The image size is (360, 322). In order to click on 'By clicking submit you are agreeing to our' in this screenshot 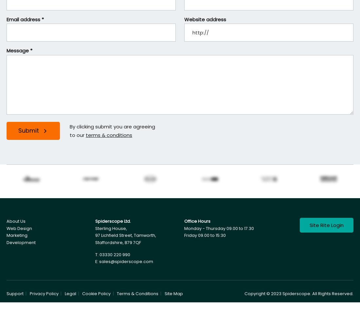, I will do `click(112, 130)`.